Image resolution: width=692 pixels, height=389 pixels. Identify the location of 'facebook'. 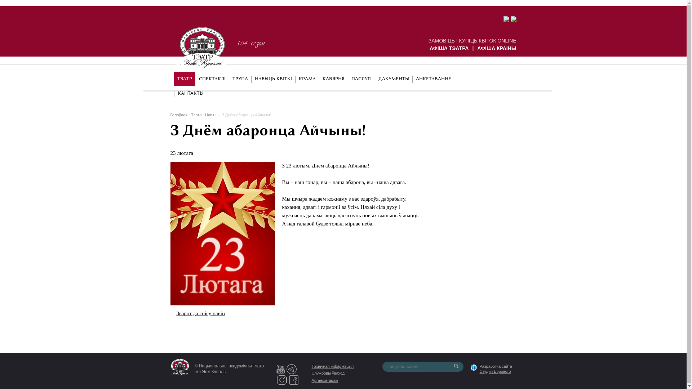
(294, 379).